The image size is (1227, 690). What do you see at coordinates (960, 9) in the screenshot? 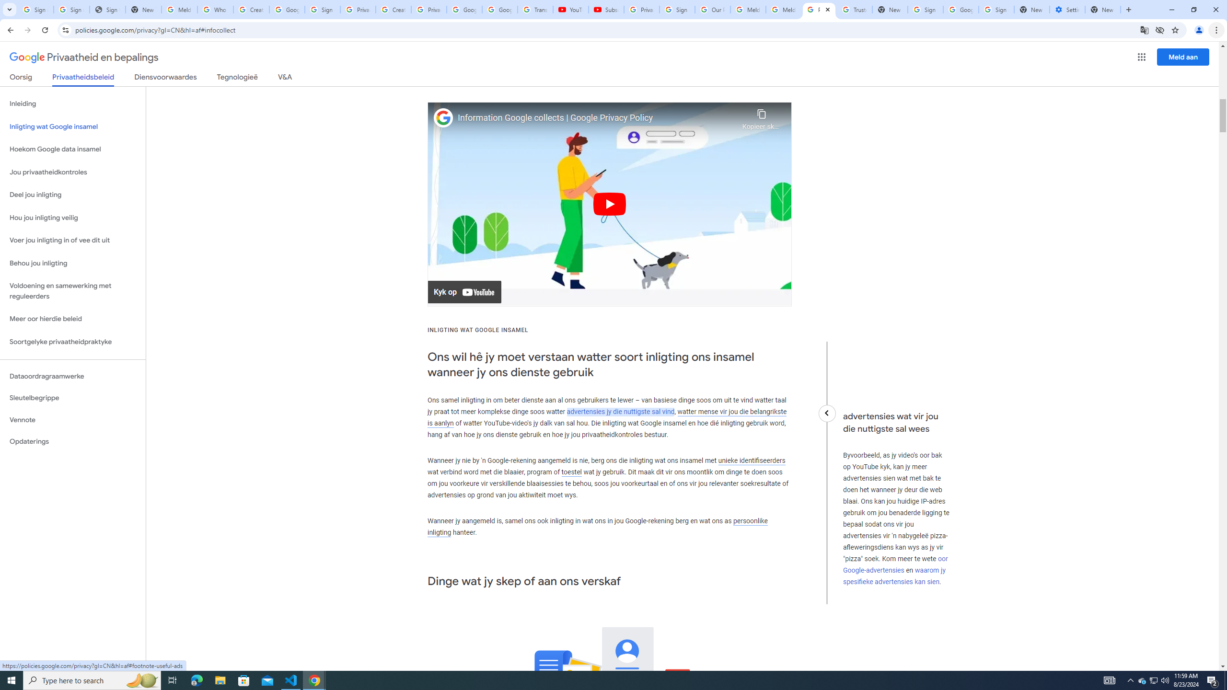
I see `'Google Cybersecurity Innovations - Google Safety Center'` at bounding box center [960, 9].